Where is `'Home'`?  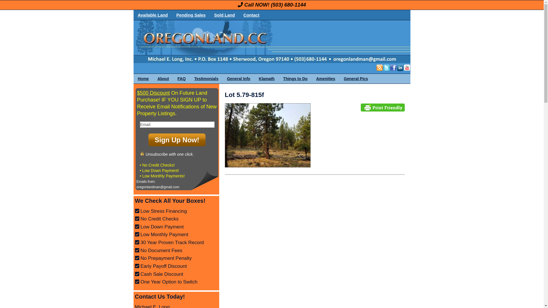 'Home' is located at coordinates (143, 79).